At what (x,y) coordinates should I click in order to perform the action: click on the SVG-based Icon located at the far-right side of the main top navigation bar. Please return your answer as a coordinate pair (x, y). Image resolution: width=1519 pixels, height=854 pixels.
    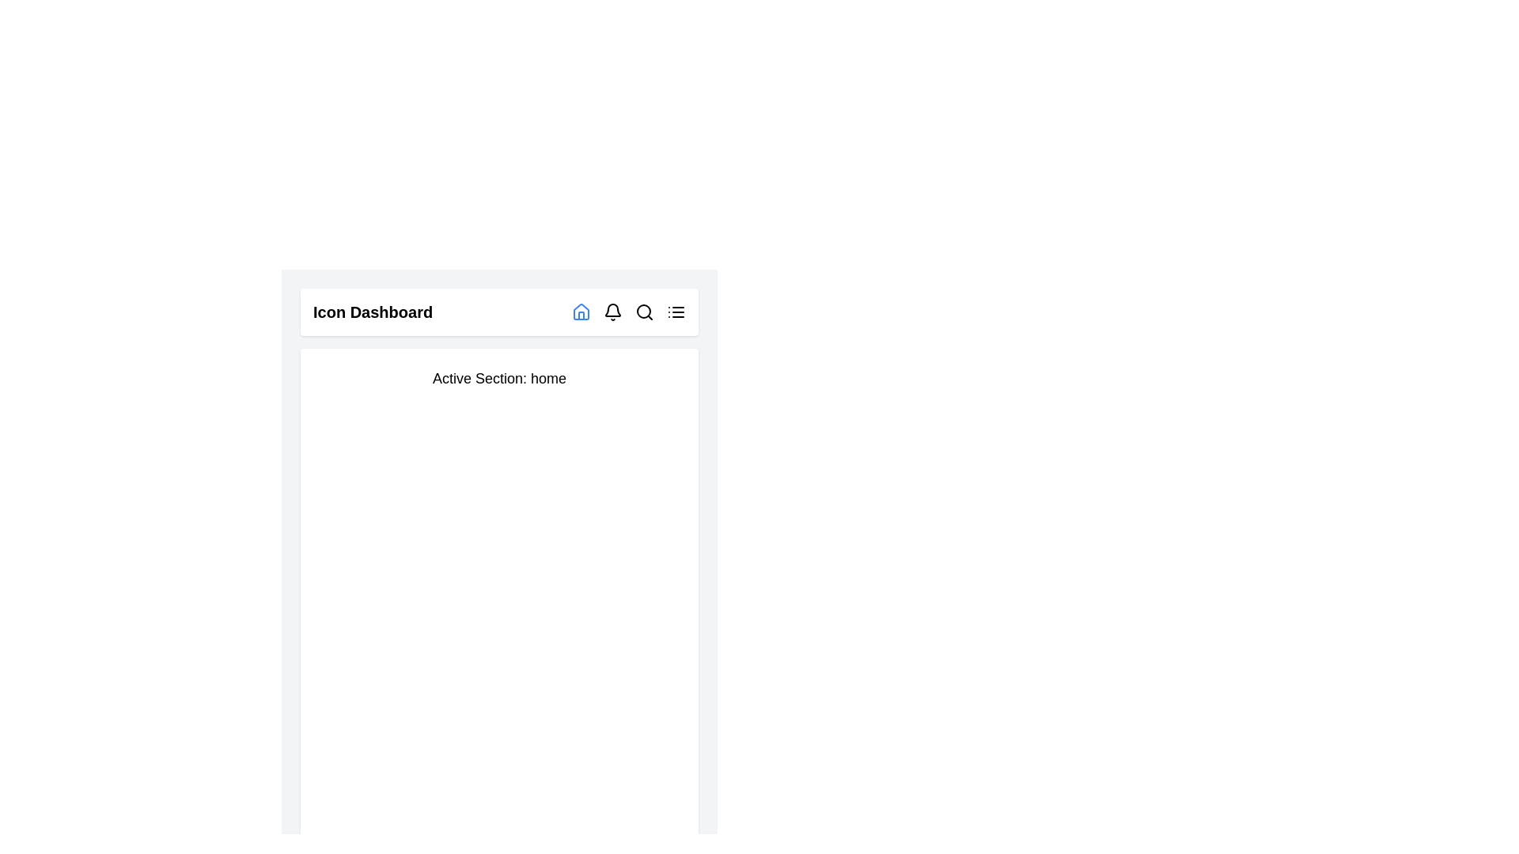
    Looking at the image, I should click on (676, 312).